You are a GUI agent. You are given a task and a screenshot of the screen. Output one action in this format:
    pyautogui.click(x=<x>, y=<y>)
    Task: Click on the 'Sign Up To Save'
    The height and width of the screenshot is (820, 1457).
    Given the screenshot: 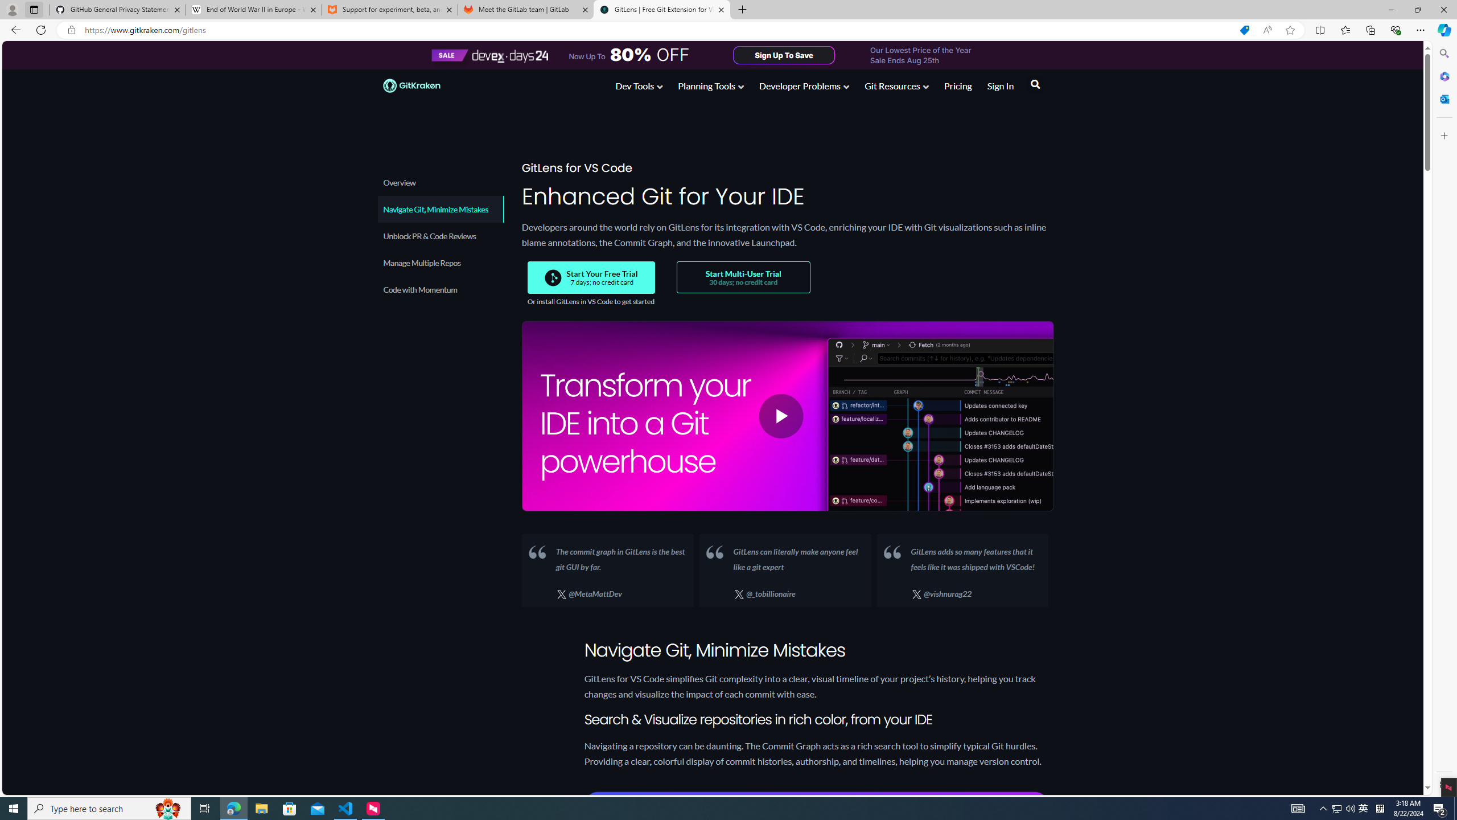 What is the action you would take?
    pyautogui.click(x=784, y=54)
    